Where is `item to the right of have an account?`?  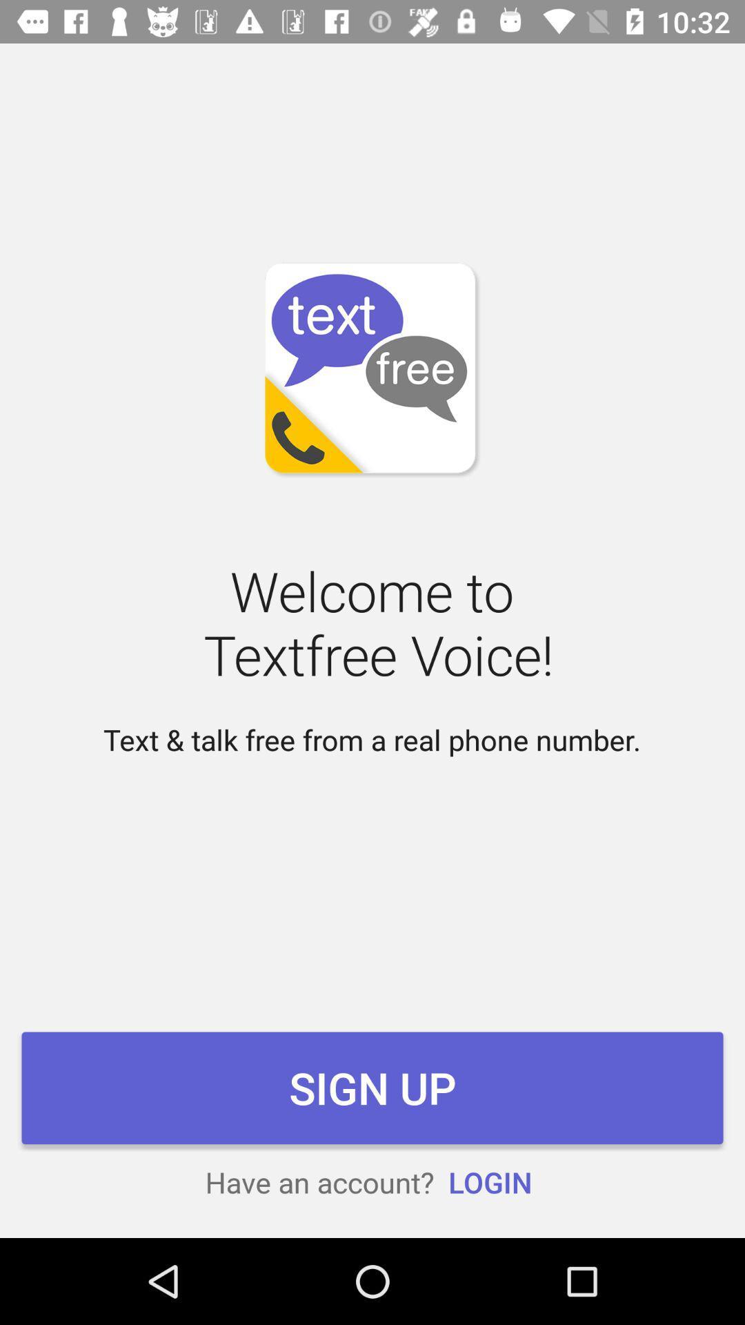
item to the right of have an account? is located at coordinates (489, 1181).